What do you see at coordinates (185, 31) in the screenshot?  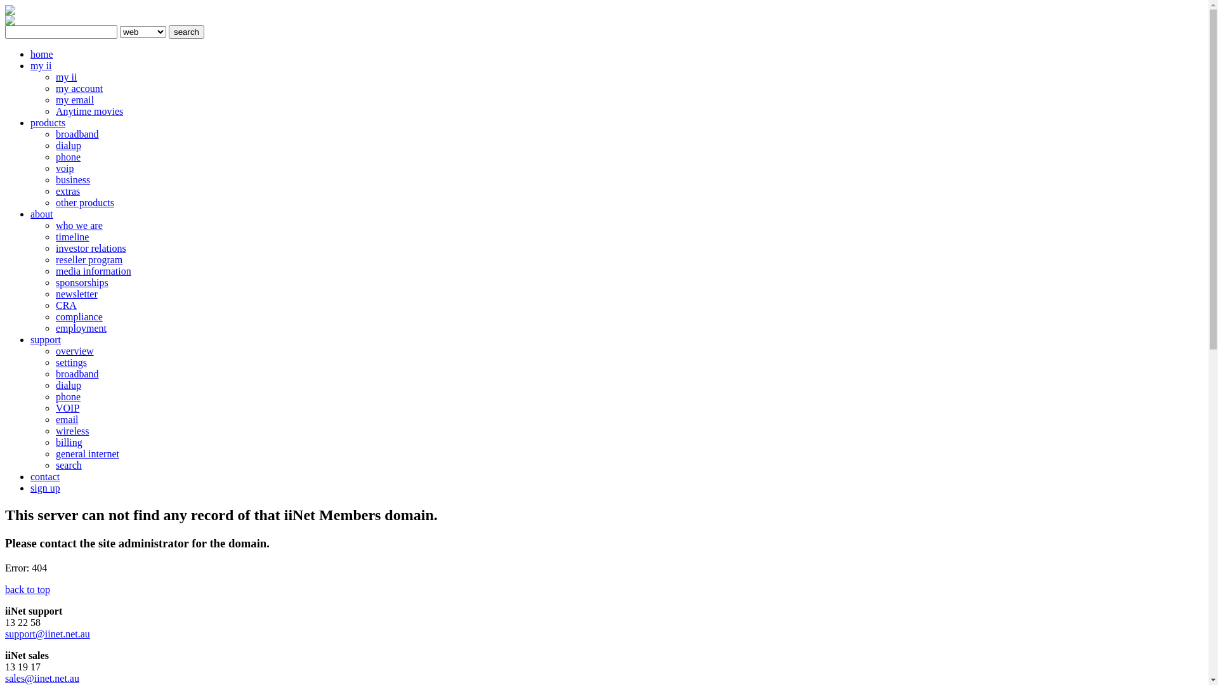 I see `'search'` at bounding box center [185, 31].